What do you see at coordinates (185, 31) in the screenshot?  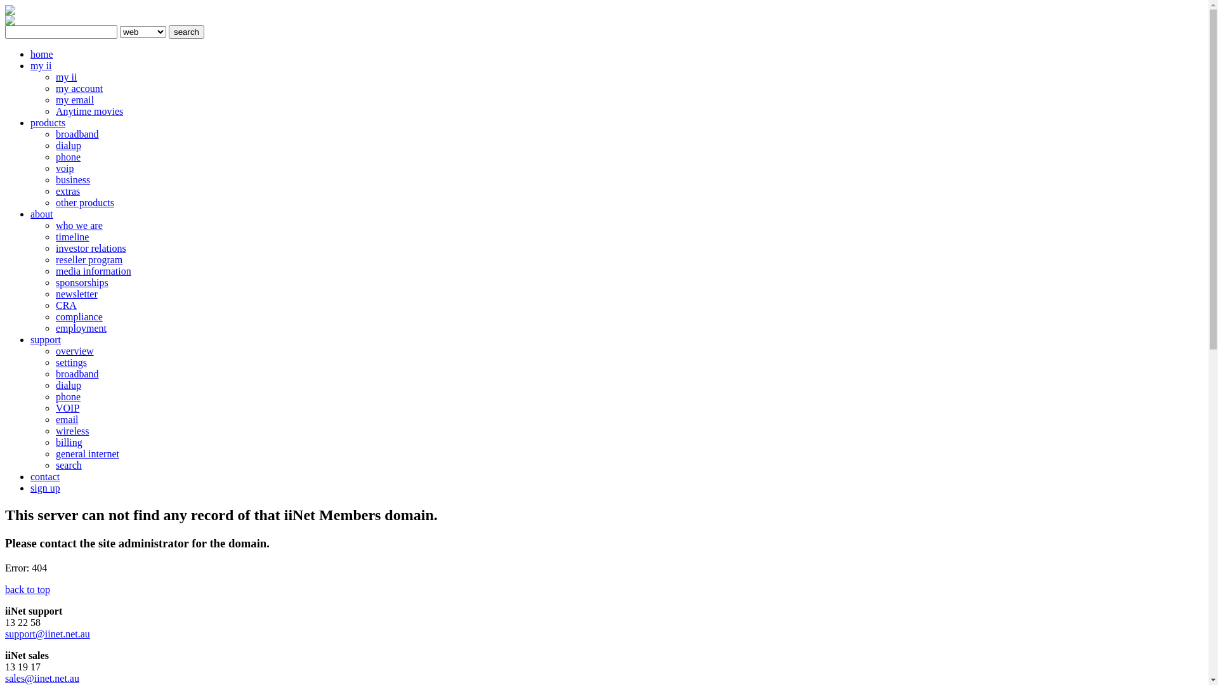 I see `'search'` at bounding box center [185, 31].